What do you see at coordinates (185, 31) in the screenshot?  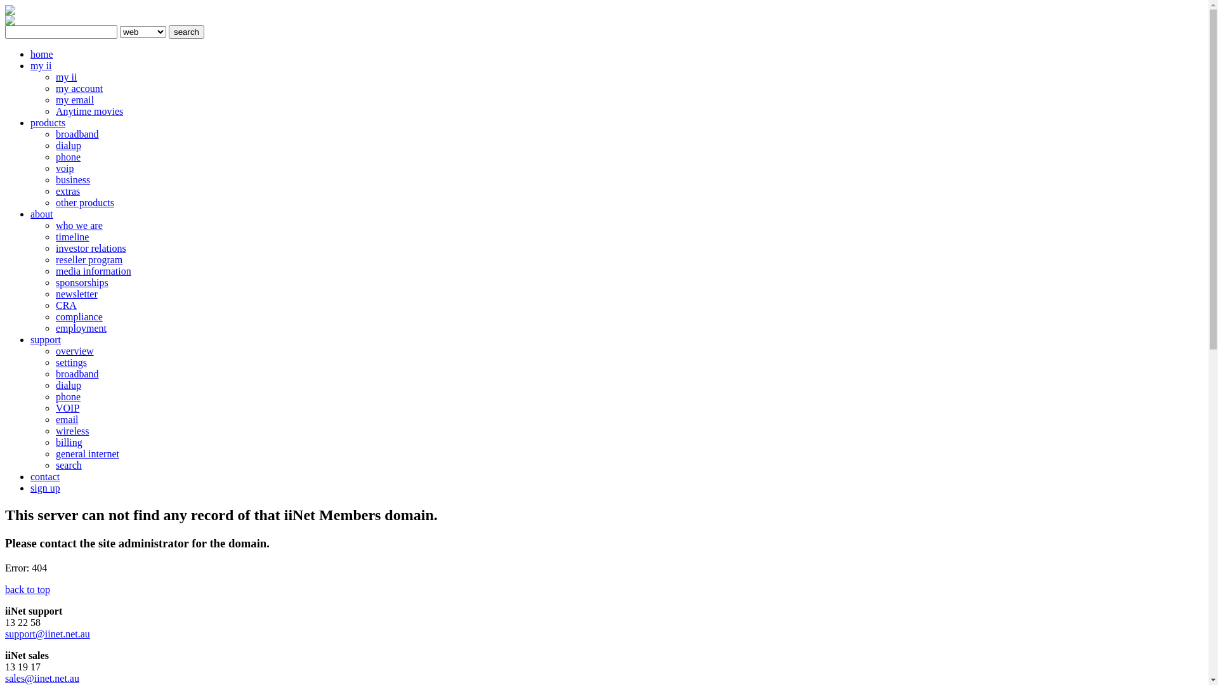 I see `'search'` at bounding box center [185, 31].